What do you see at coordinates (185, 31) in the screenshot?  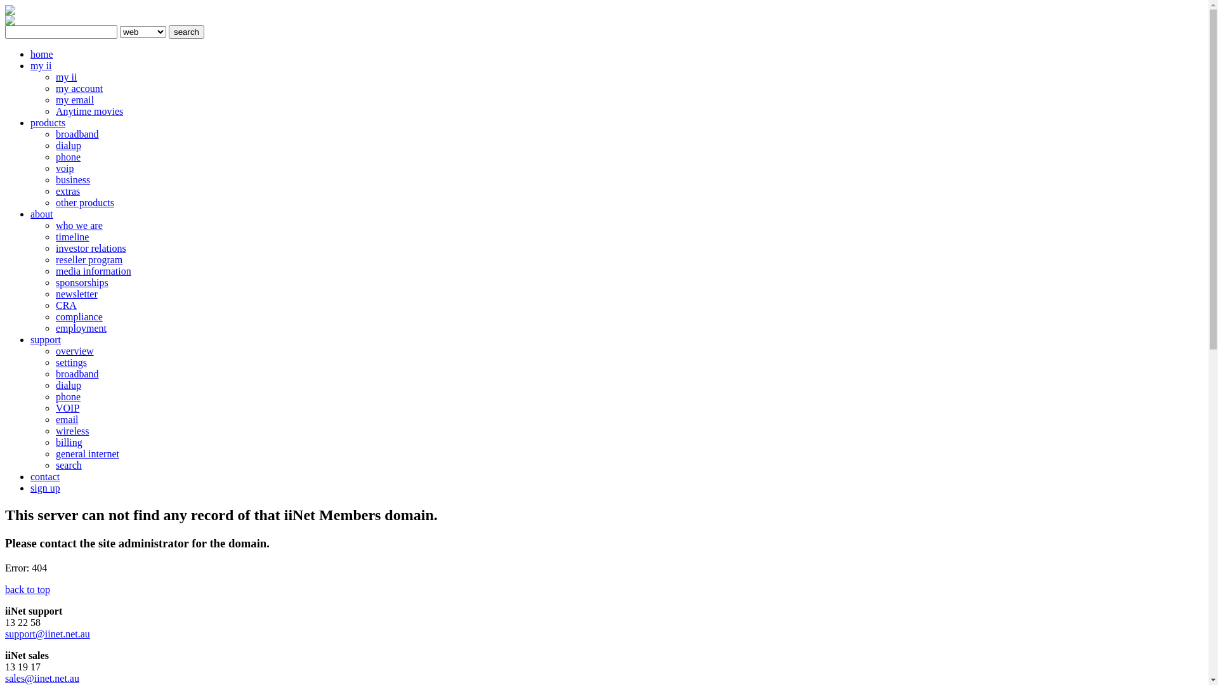 I see `'search'` at bounding box center [185, 31].